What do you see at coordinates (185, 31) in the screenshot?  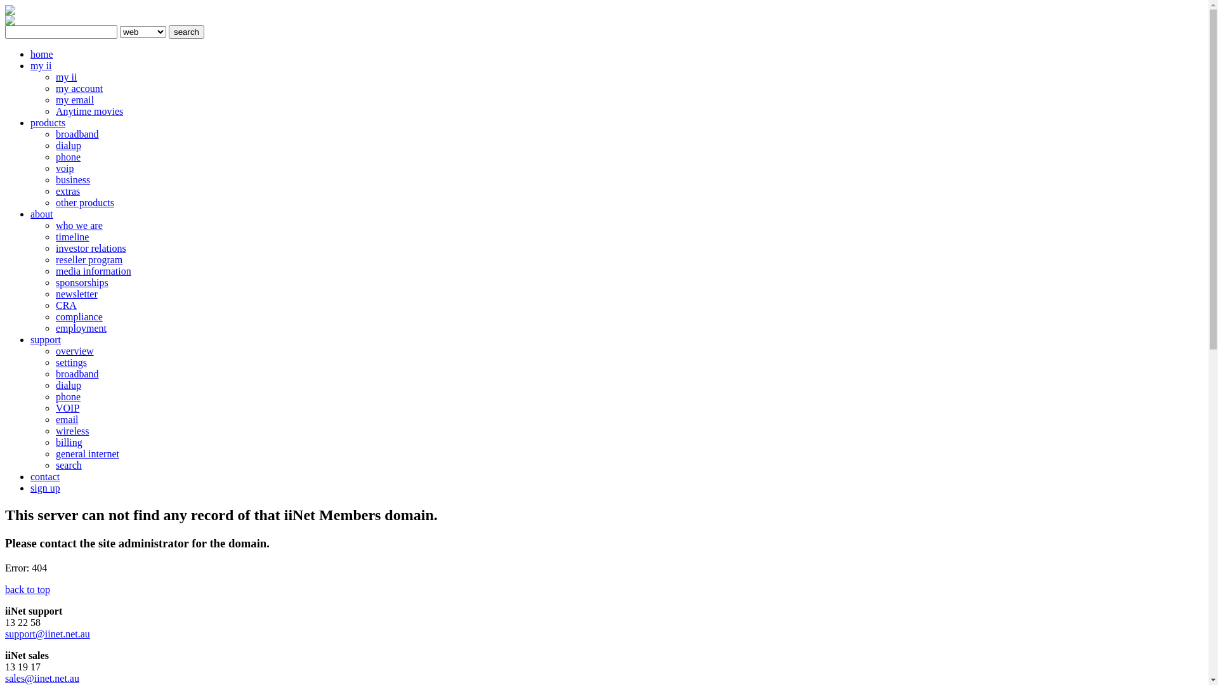 I see `'search'` at bounding box center [185, 31].